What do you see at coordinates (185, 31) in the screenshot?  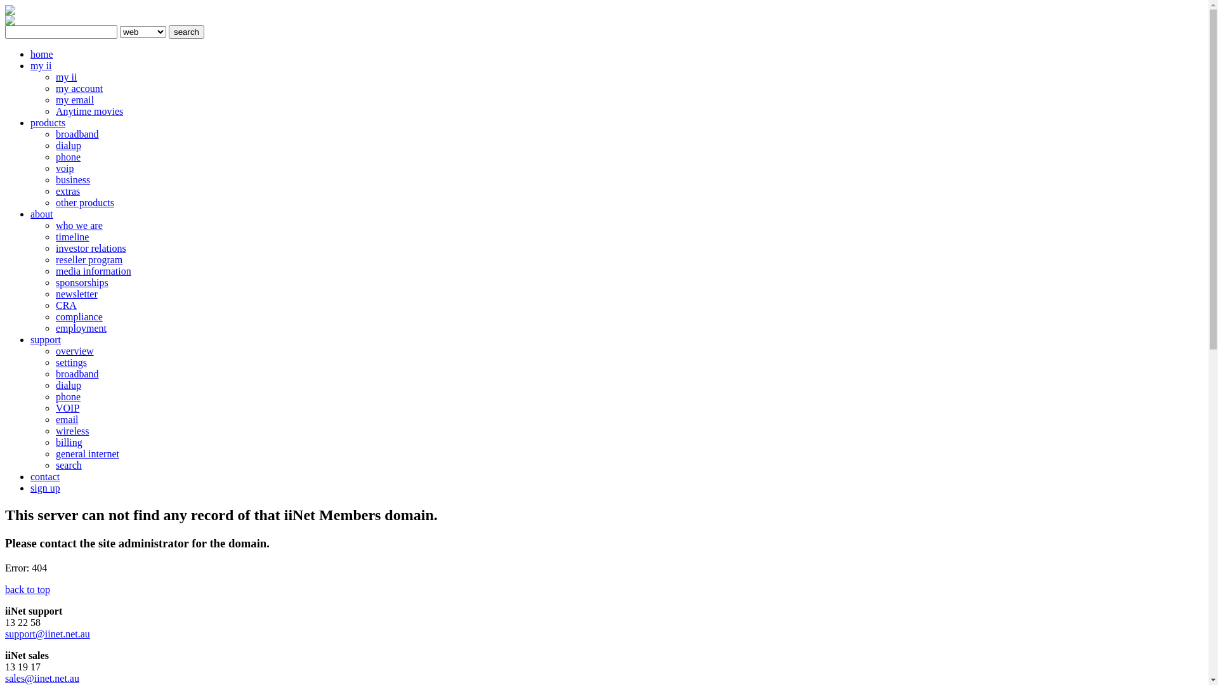 I see `'search'` at bounding box center [185, 31].